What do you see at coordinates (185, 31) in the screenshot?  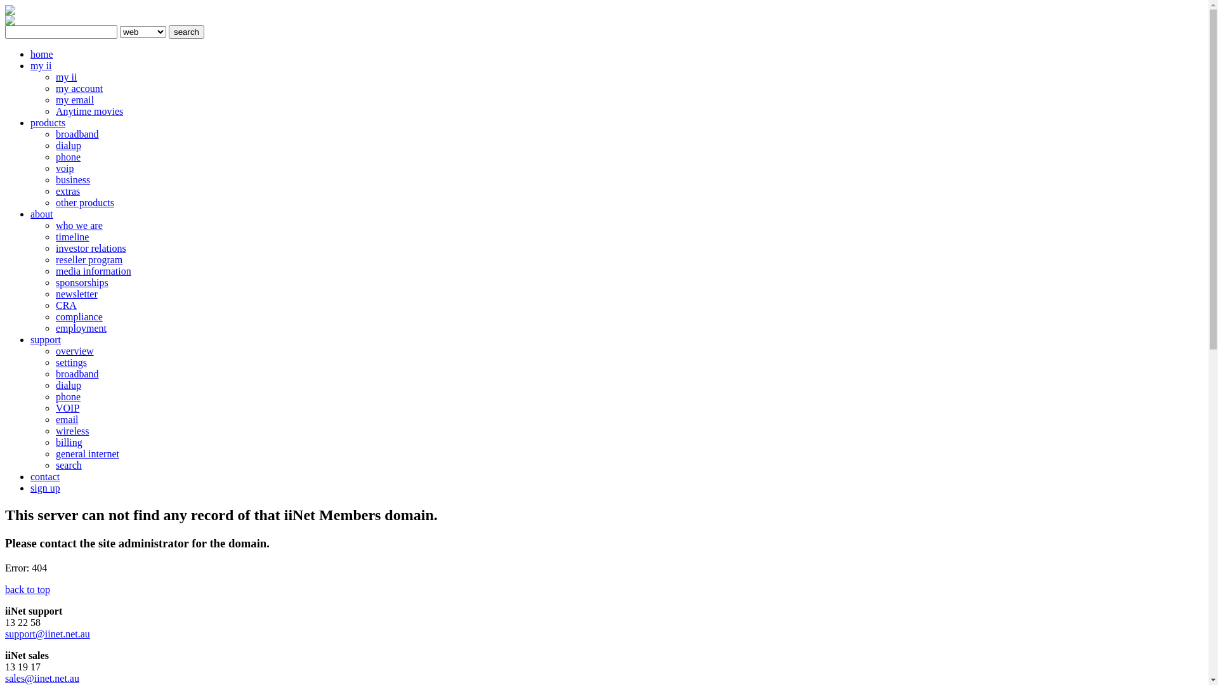 I see `'search'` at bounding box center [185, 31].